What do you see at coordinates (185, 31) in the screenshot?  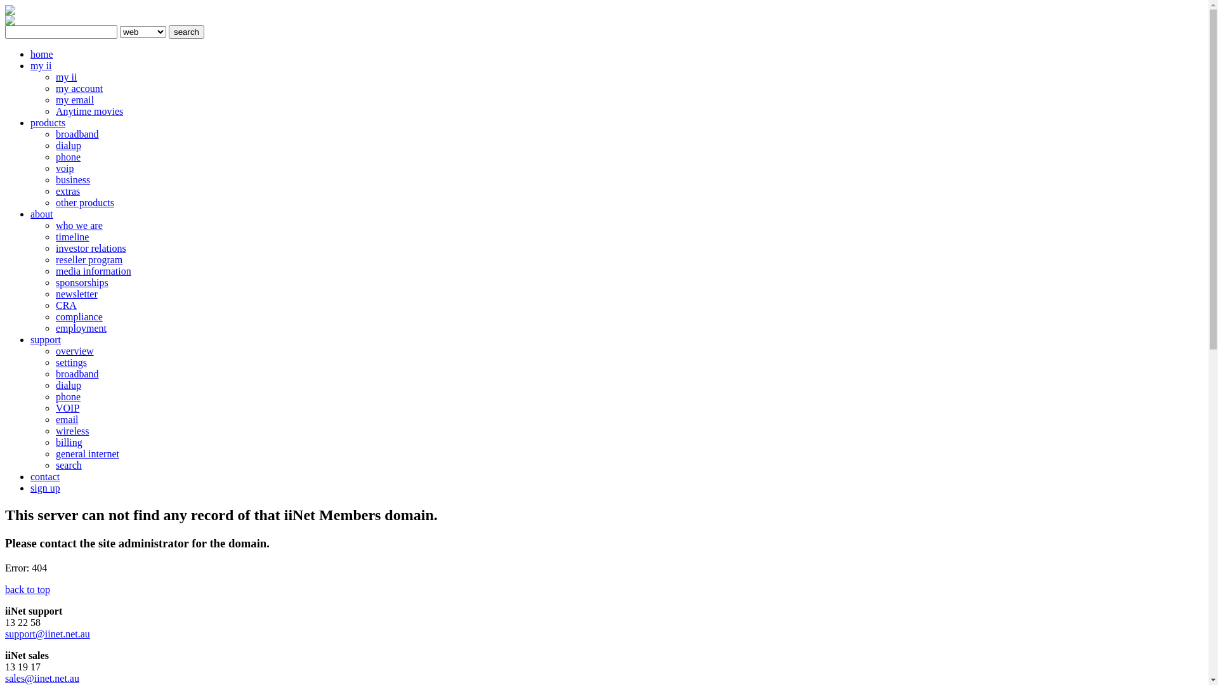 I see `'search'` at bounding box center [185, 31].